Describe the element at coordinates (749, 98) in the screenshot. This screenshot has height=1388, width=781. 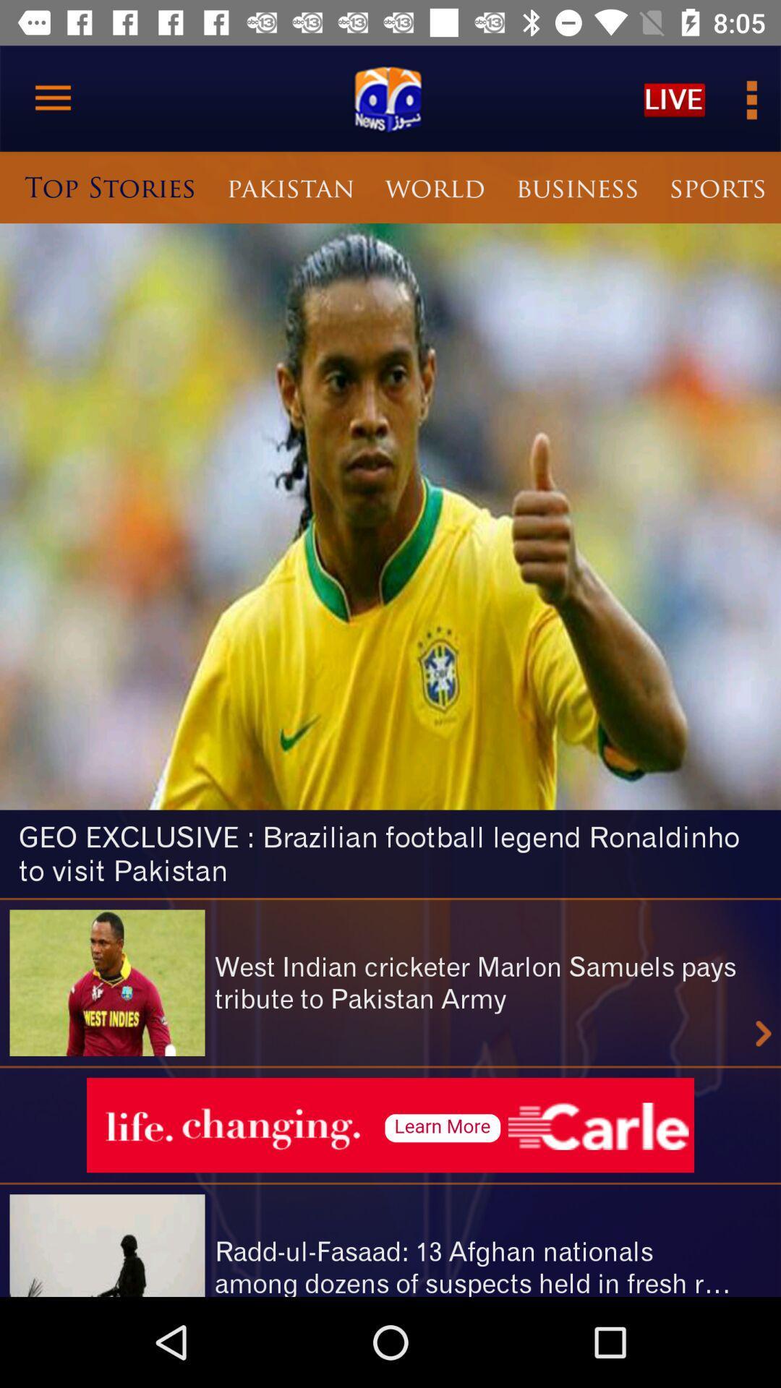
I see `the icon right to the live button` at that location.